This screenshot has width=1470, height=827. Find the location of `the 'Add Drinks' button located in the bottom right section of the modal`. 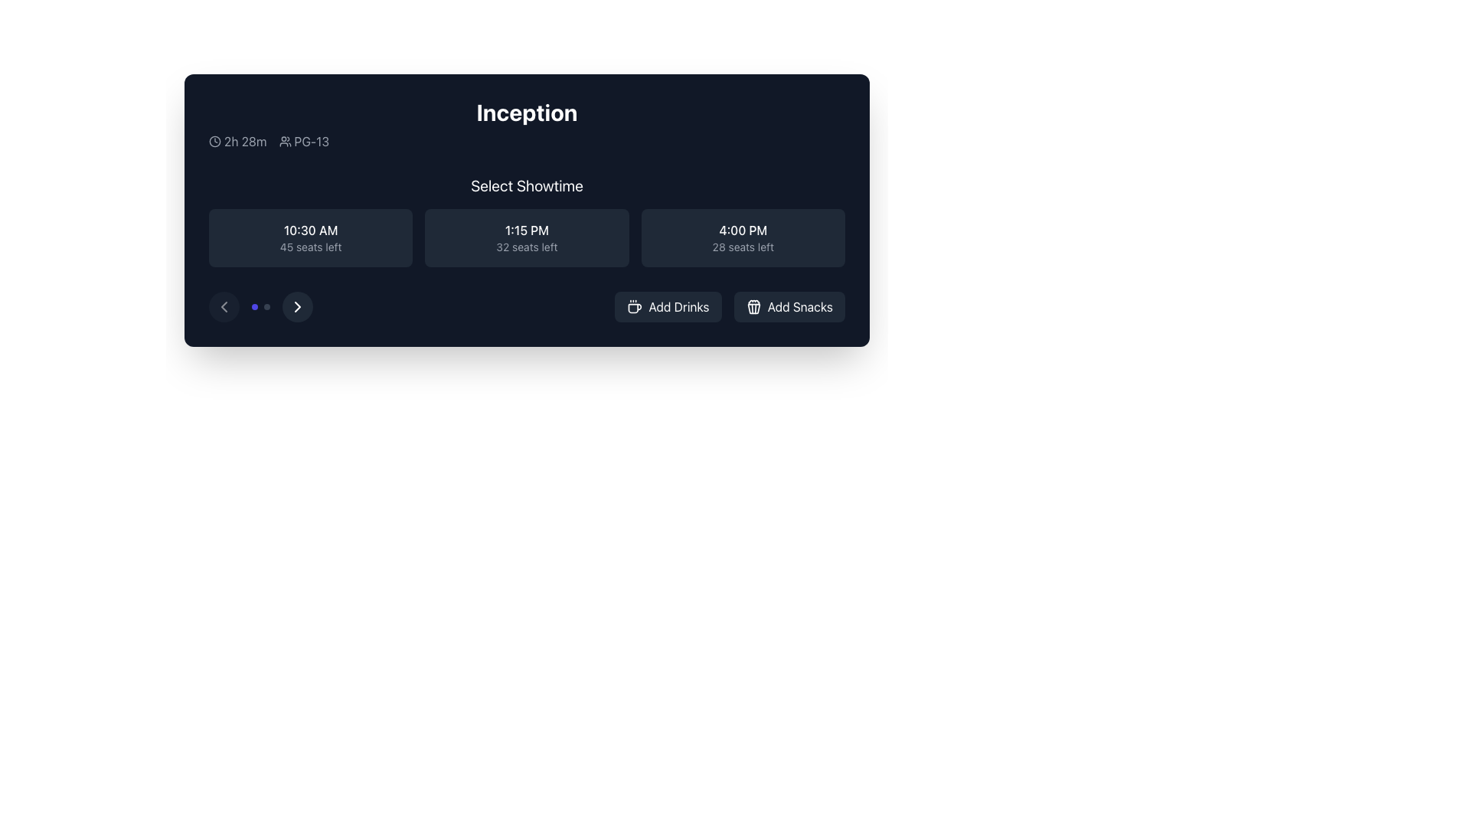

the 'Add Drinks' button located in the bottom right section of the modal is located at coordinates (668, 307).